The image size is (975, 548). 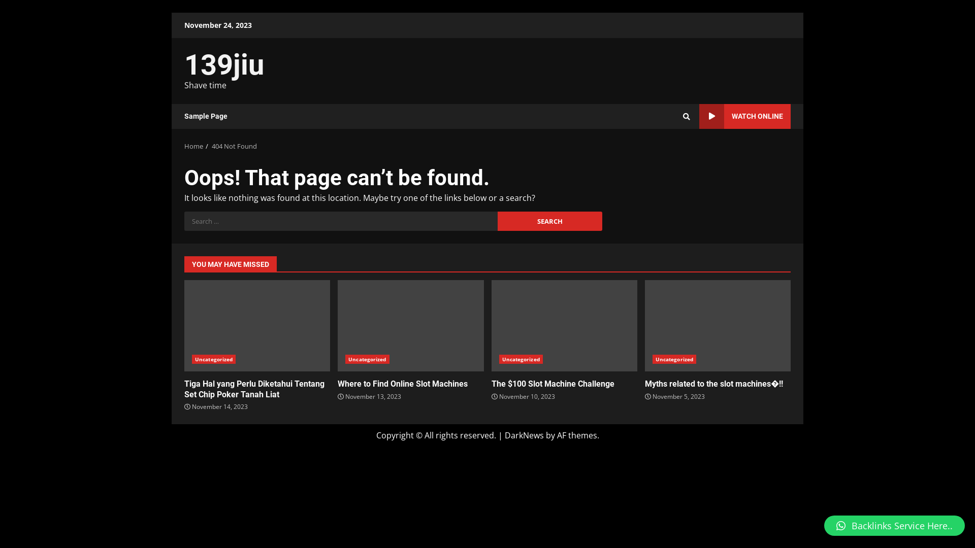 I want to click on 'The $100 Slot Machine Challenge', so click(x=492, y=325).